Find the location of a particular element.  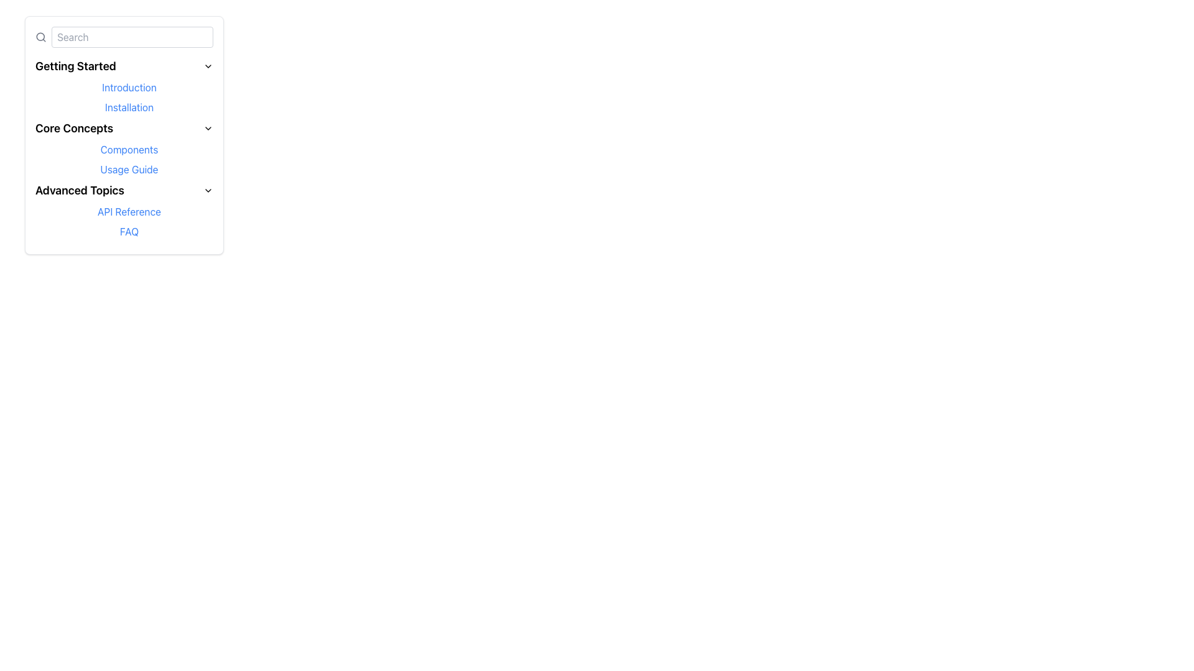

the first hyperlink in the 'Core Concepts' section of the vertical sidebar is located at coordinates (129, 148).